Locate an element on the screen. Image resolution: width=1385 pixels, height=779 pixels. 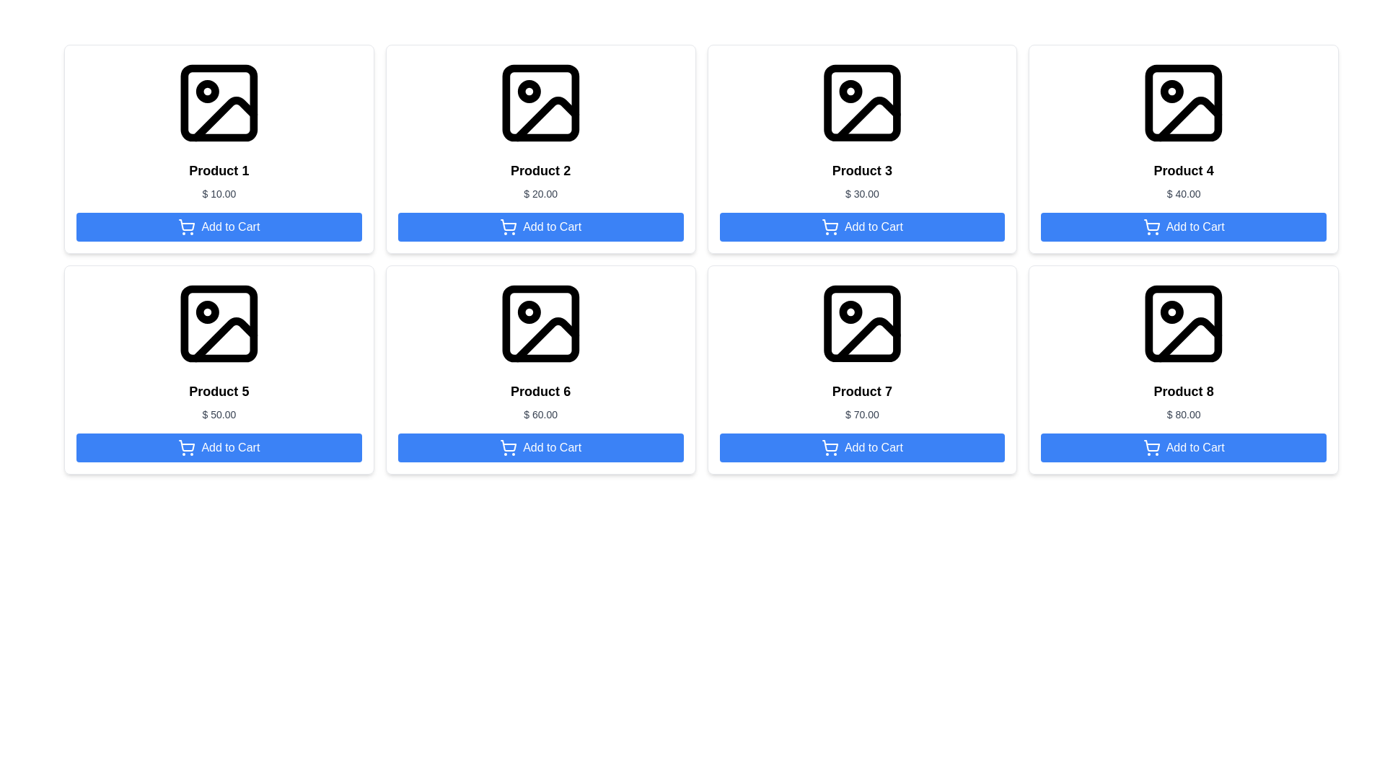
the 'Add to Cart' button for 'Product 8' located in the bottom-right corner of the grid layout is located at coordinates (1151, 447).